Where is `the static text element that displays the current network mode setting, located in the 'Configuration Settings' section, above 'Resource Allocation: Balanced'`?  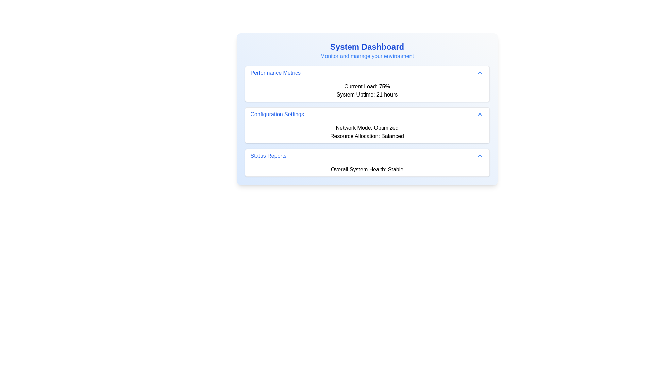
the static text element that displays the current network mode setting, located in the 'Configuration Settings' section, above 'Resource Allocation: Balanced' is located at coordinates (367, 128).